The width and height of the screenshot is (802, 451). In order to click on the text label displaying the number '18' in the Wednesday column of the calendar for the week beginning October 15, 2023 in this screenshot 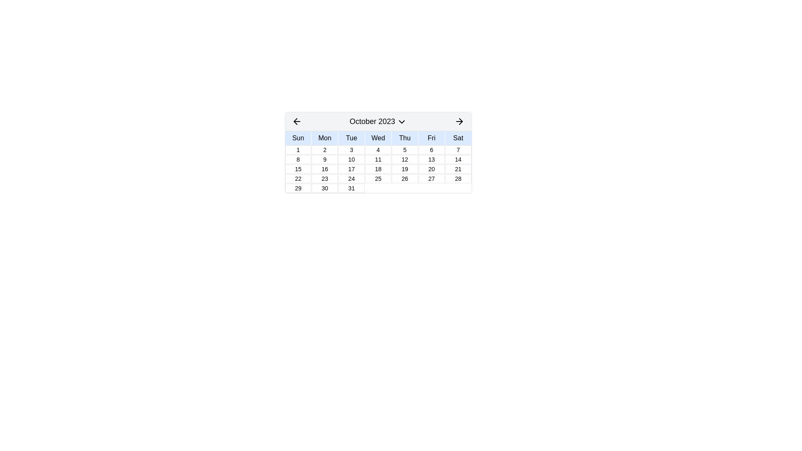, I will do `click(378, 169)`.